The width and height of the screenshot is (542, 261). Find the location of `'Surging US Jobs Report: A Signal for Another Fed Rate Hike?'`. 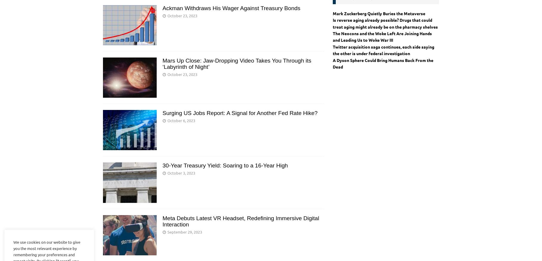

'Surging US Jobs Report: A Signal for Another Fed Rate Hike?' is located at coordinates (162, 113).